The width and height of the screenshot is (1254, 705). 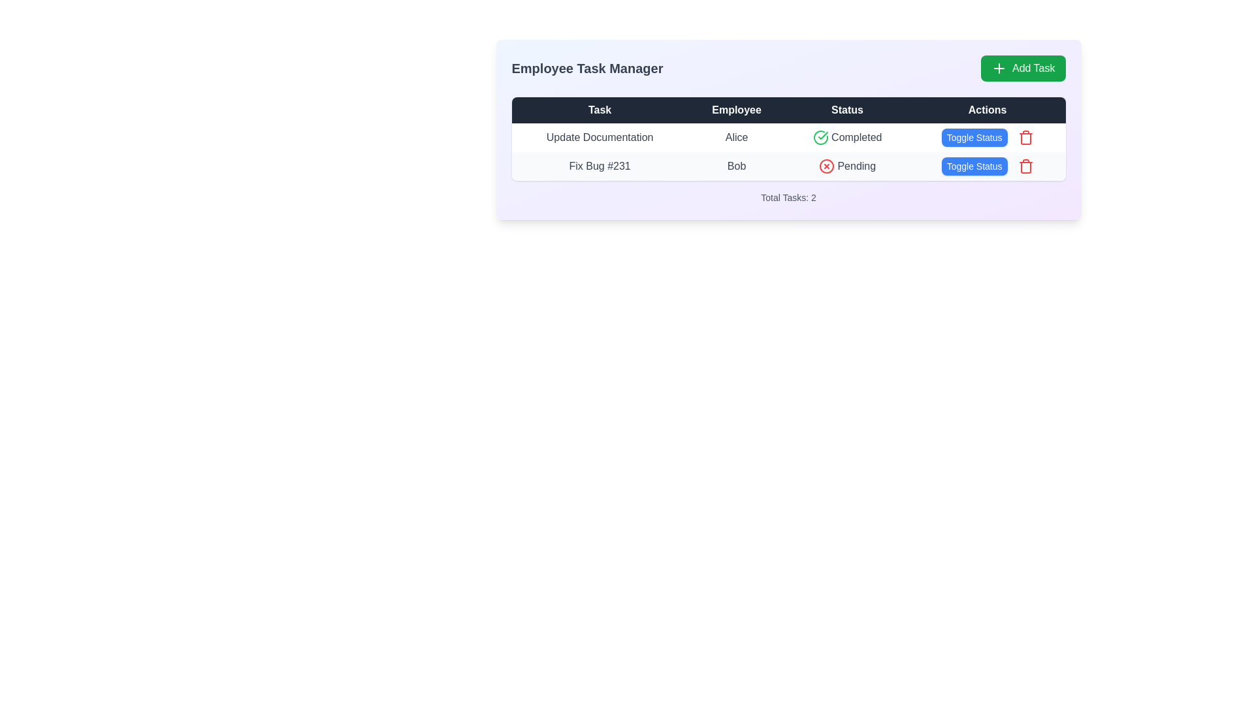 I want to click on the status icon indicating task completion in the manager interface, located in the 'Status' column of the first row, next to the 'Completed' text, so click(x=820, y=138).